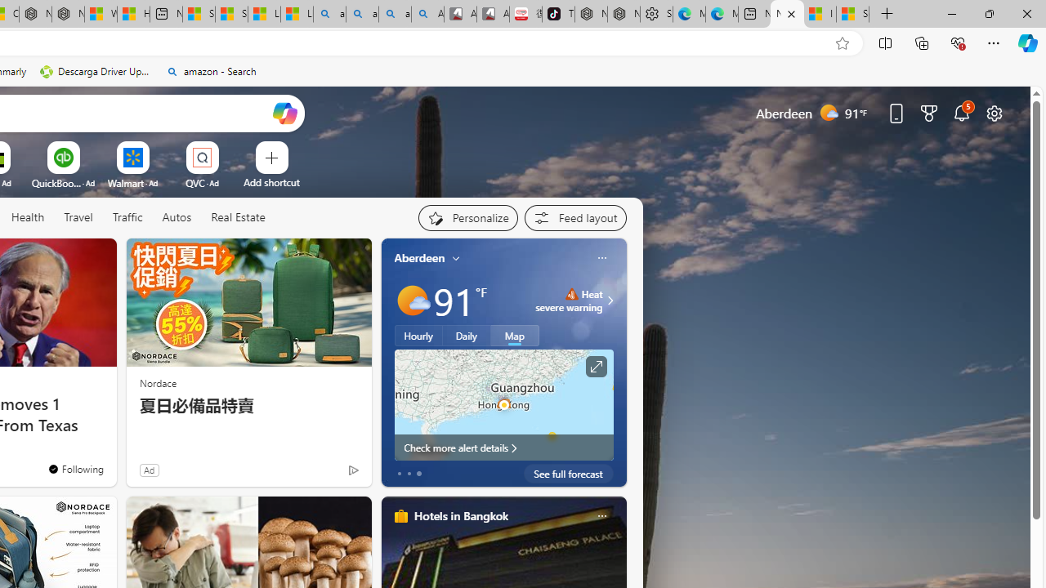 This screenshot has height=588, width=1046. What do you see at coordinates (575, 217) in the screenshot?
I see `'Feed settings'` at bounding box center [575, 217].